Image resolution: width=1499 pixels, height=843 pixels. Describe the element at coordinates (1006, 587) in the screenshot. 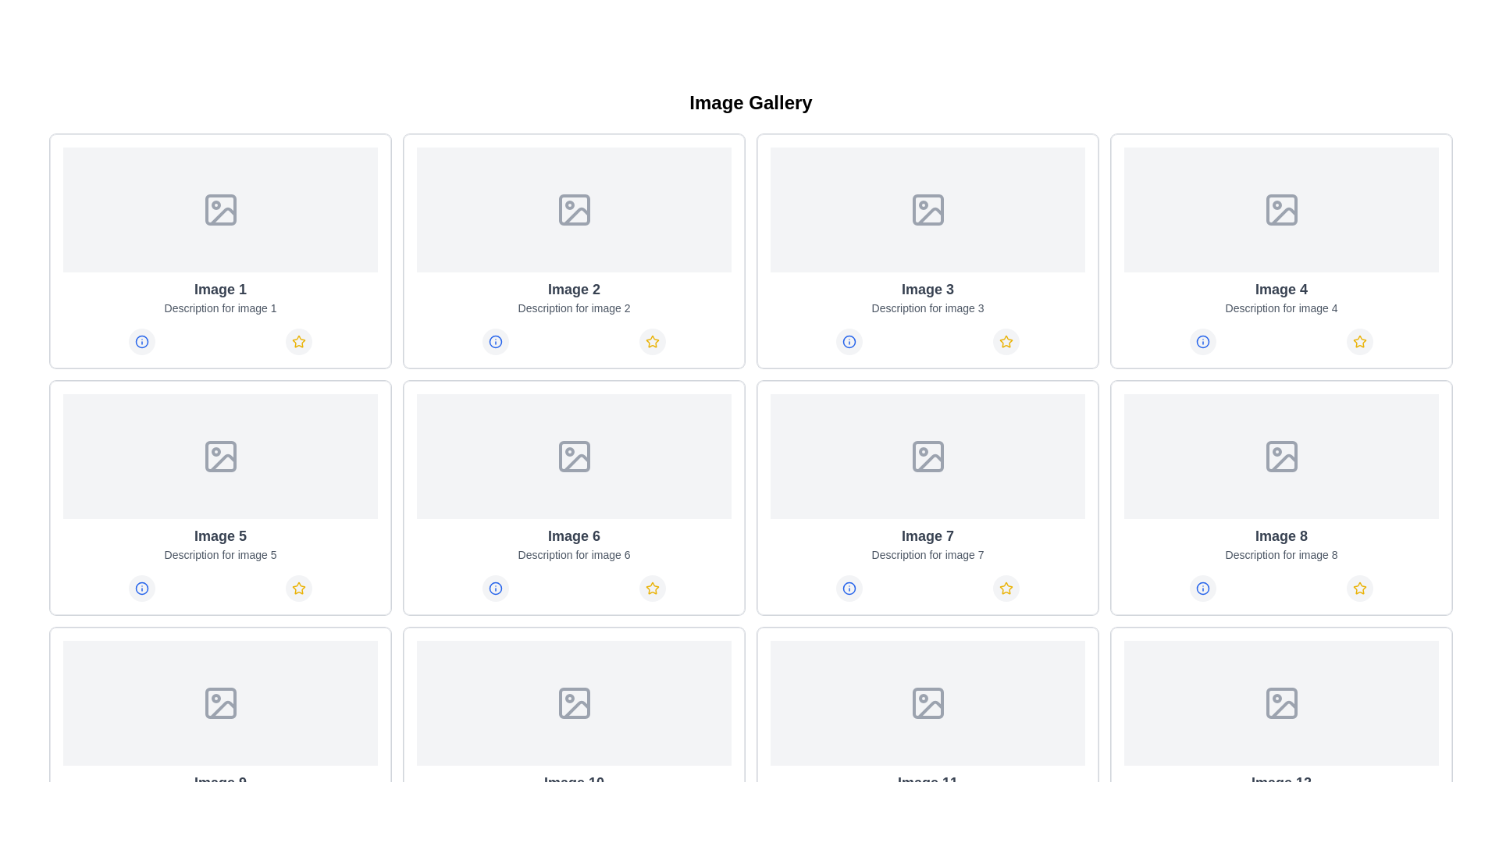

I see `the favorite icon button located directly below the 'Image 7' card in the image gallery` at that location.